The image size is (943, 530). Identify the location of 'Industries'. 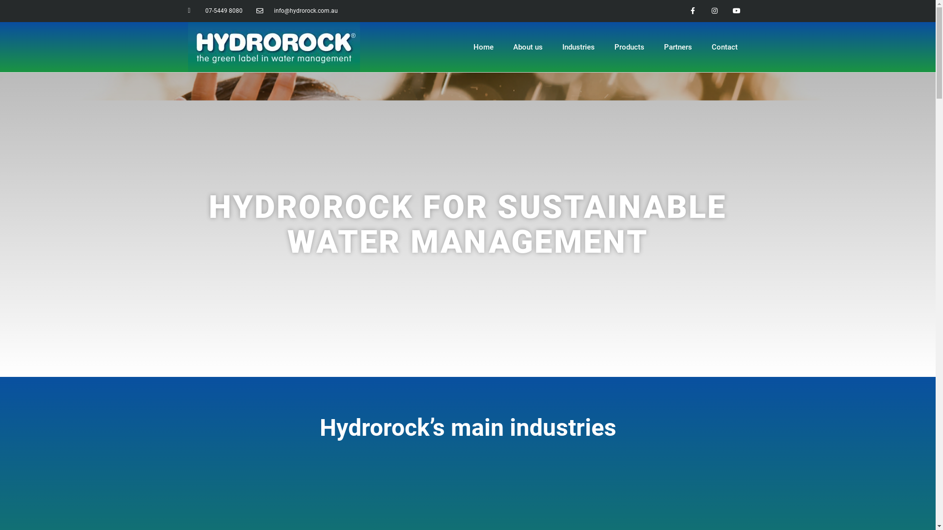
(581, 47).